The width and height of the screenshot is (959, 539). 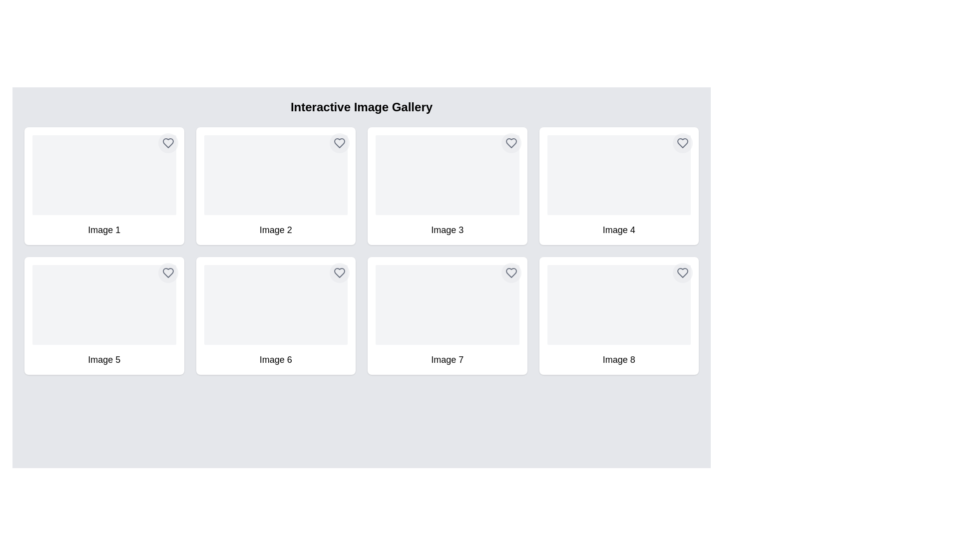 I want to click on the circular button with a heart-shaped icon located in the top-right corner of the 'Image 5' card, so click(x=168, y=273).